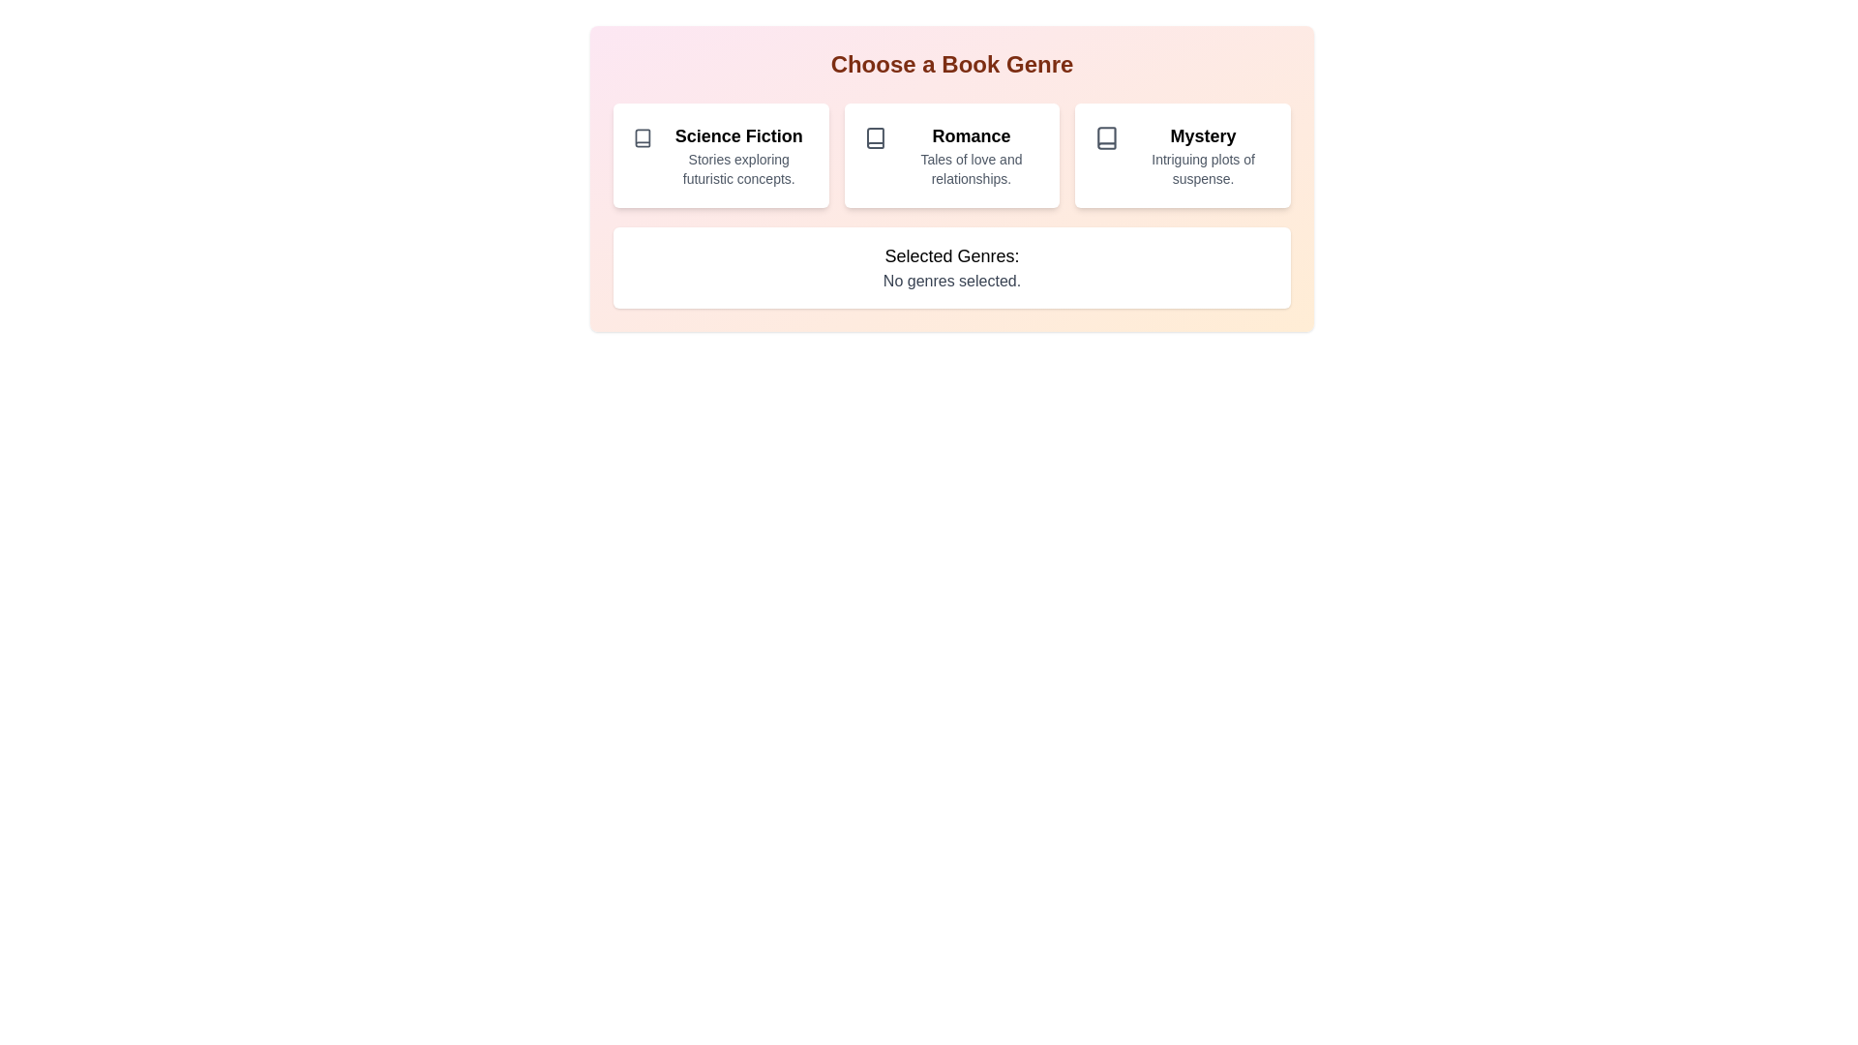 The image size is (1858, 1045). Describe the element at coordinates (643, 136) in the screenshot. I see `the minimalist gray book icon in the 'Choose a Book Genre' section, which is located above the 'Science Fiction' text and adjacent to the title 'Stories exploring futuristic concepts.'` at that location.